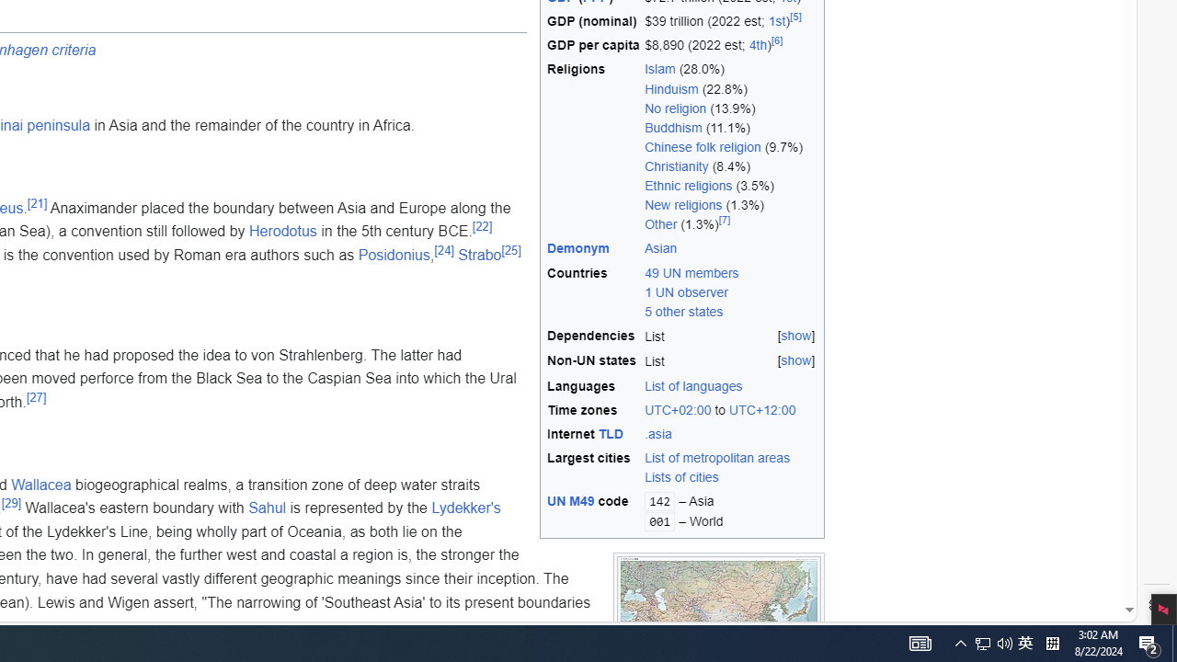  What do you see at coordinates (444, 250) in the screenshot?
I see `'[24]'` at bounding box center [444, 250].